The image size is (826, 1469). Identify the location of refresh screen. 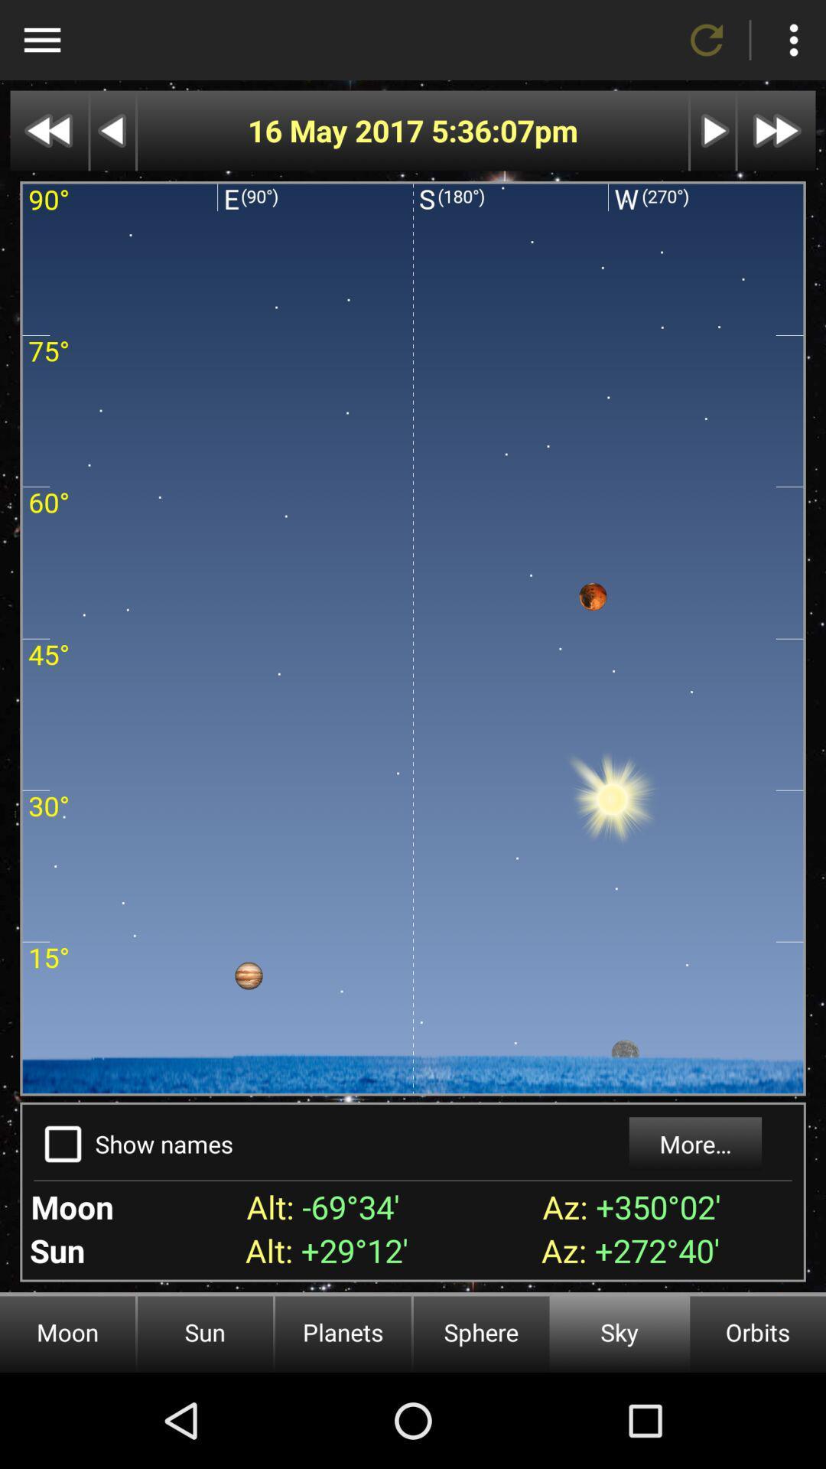
(707, 40).